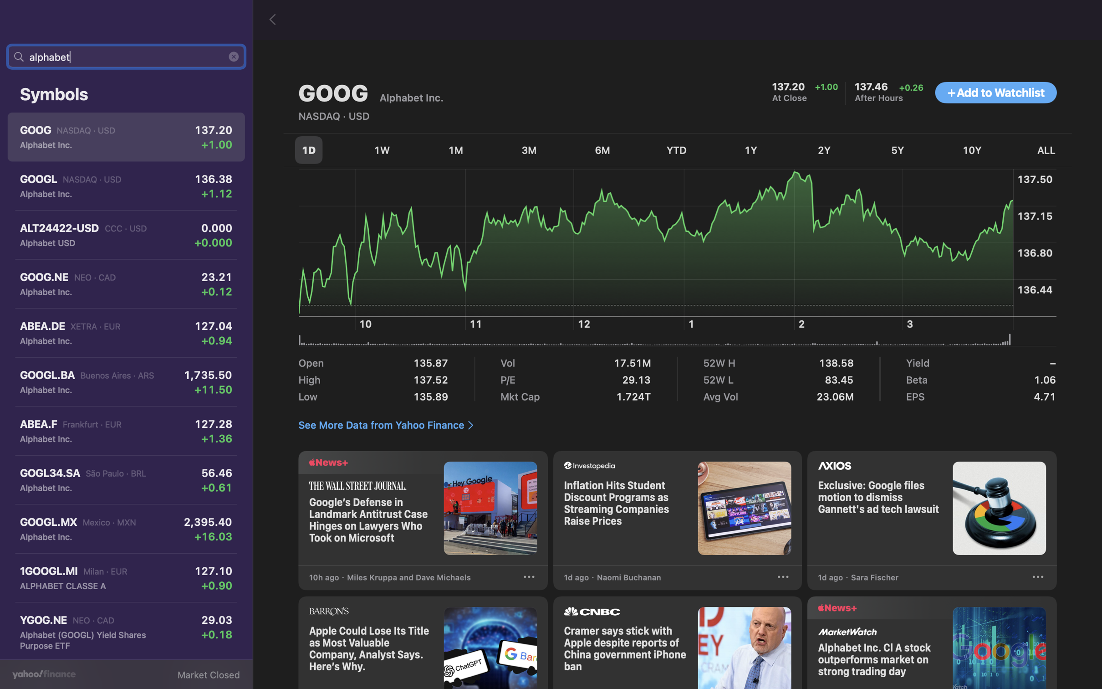 This screenshot has height=689, width=1102. What do you see at coordinates (995, 93) in the screenshot?
I see `Insert numerous stocks to your monitoring list` at bounding box center [995, 93].